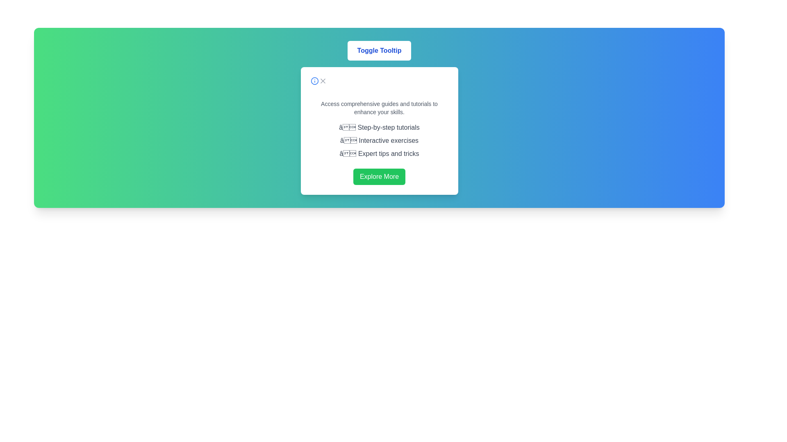 This screenshot has width=787, height=442. Describe the element at coordinates (314, 81) in the screenshot. I see `the circular information icon with a blue border located in the top-left area of the modal dialogue, positioned to the left of the 'X' close button` at that location.